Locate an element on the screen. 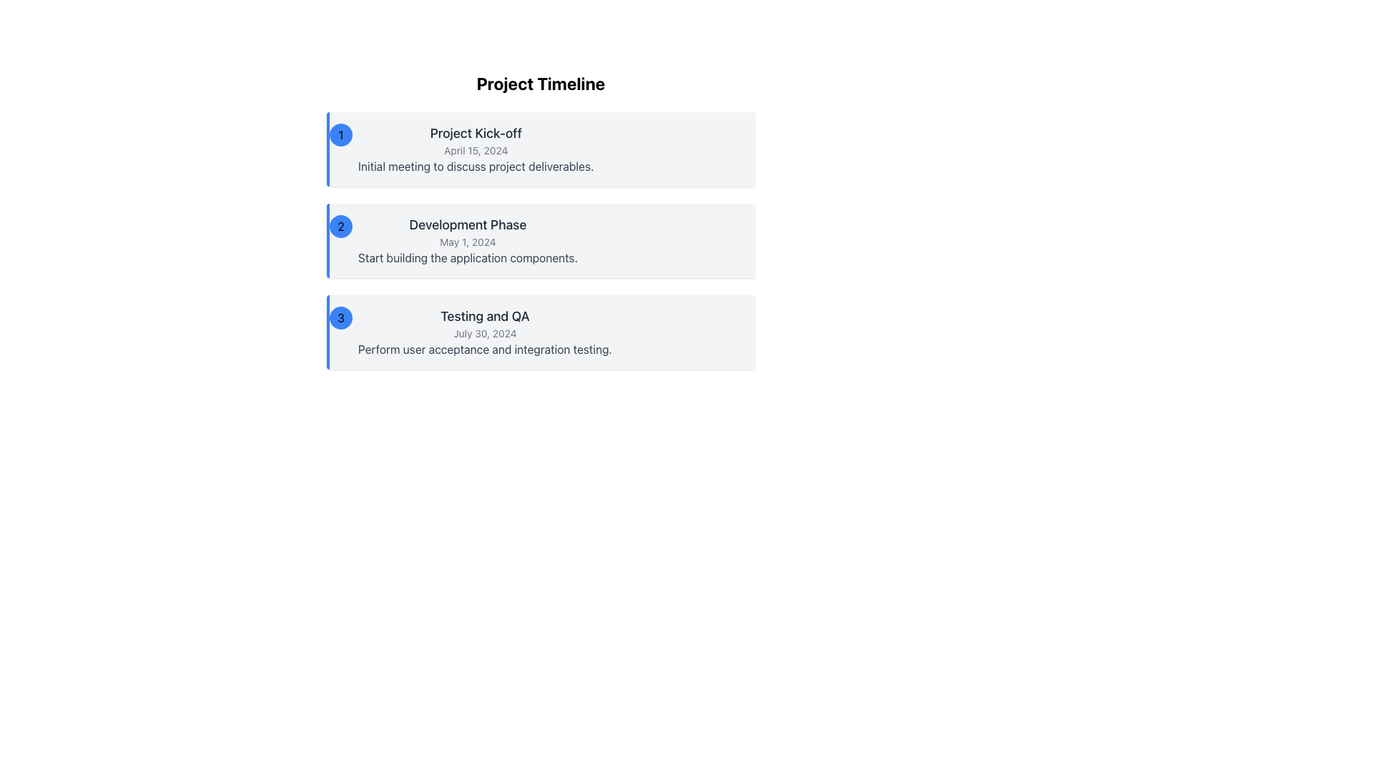  the leftmost Badge of the third card in a vertically aligned sequence of cards, which indicates a step or stage in a process is located at coordinates (340, 317).